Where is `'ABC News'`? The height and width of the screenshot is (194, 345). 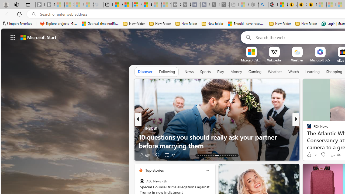 'ABC News' is located at coordinates (142, 181).